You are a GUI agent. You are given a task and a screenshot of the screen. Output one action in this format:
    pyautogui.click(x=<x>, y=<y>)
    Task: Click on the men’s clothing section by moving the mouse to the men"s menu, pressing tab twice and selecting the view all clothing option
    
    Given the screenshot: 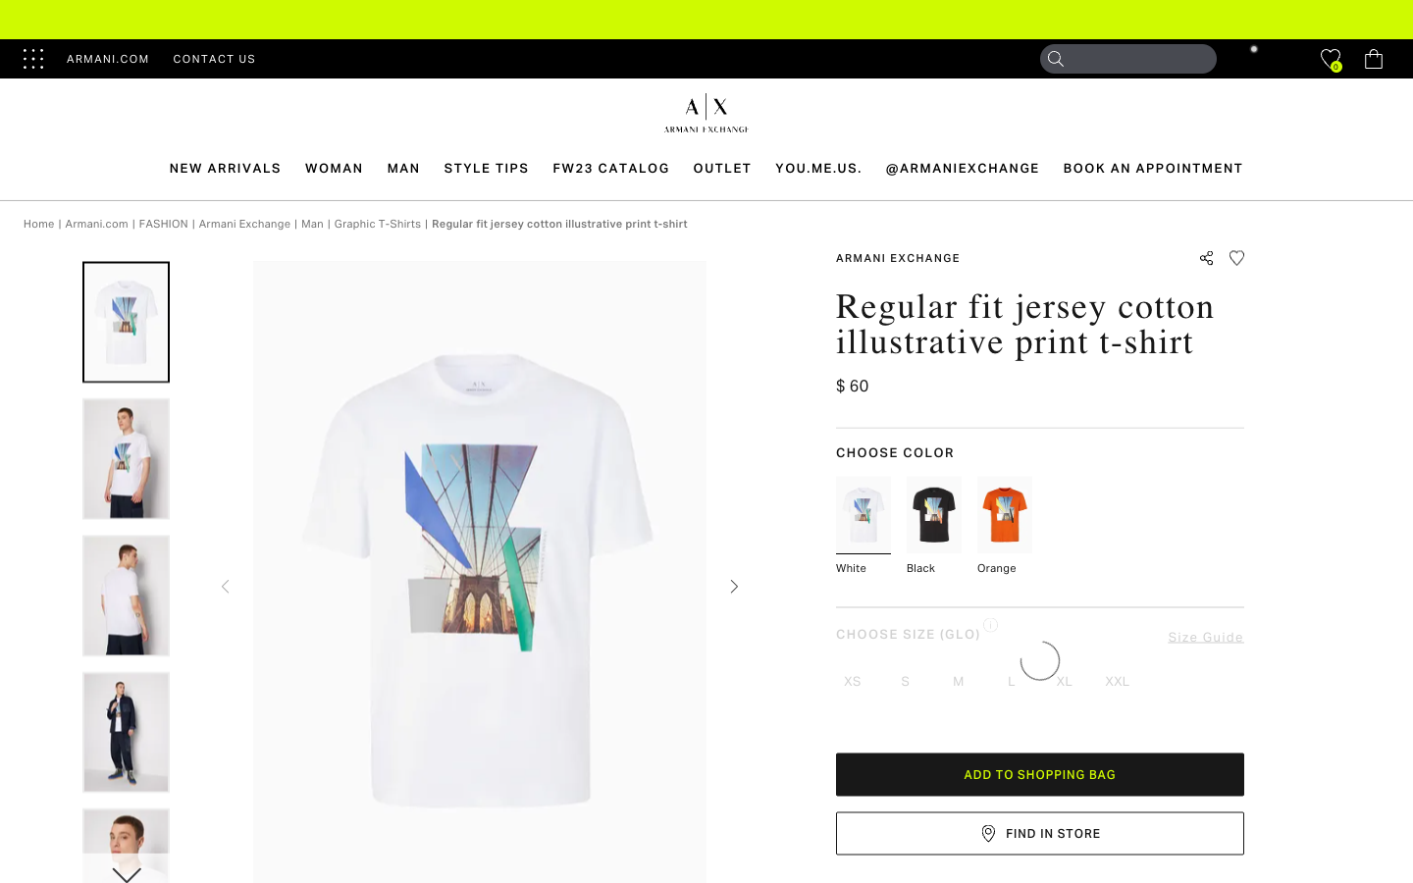 What is the action you would take?
    pyautogui.click(x=582156, y=151434)
    